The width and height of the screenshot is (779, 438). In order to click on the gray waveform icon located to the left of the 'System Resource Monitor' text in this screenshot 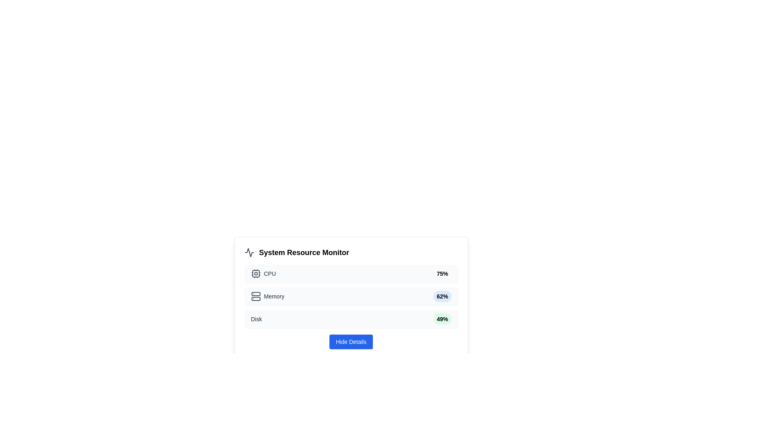, I will do `click(249, 252)`.